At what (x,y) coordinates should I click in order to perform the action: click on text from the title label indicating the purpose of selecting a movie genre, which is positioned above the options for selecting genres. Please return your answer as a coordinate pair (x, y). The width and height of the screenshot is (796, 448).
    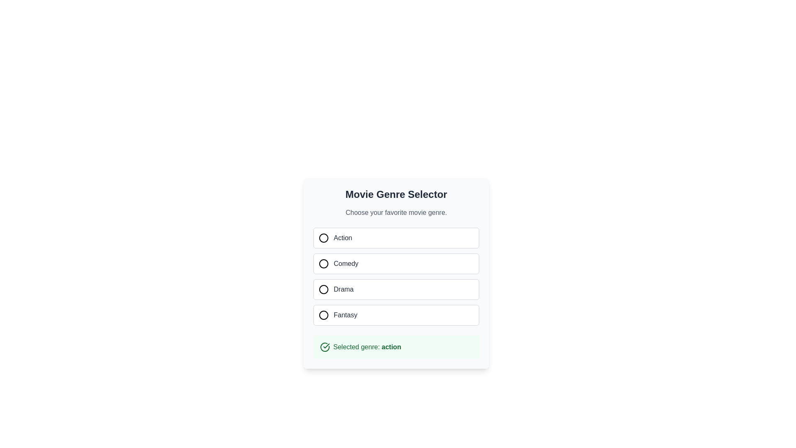
    Looking at the image, I should click on (396, 195).